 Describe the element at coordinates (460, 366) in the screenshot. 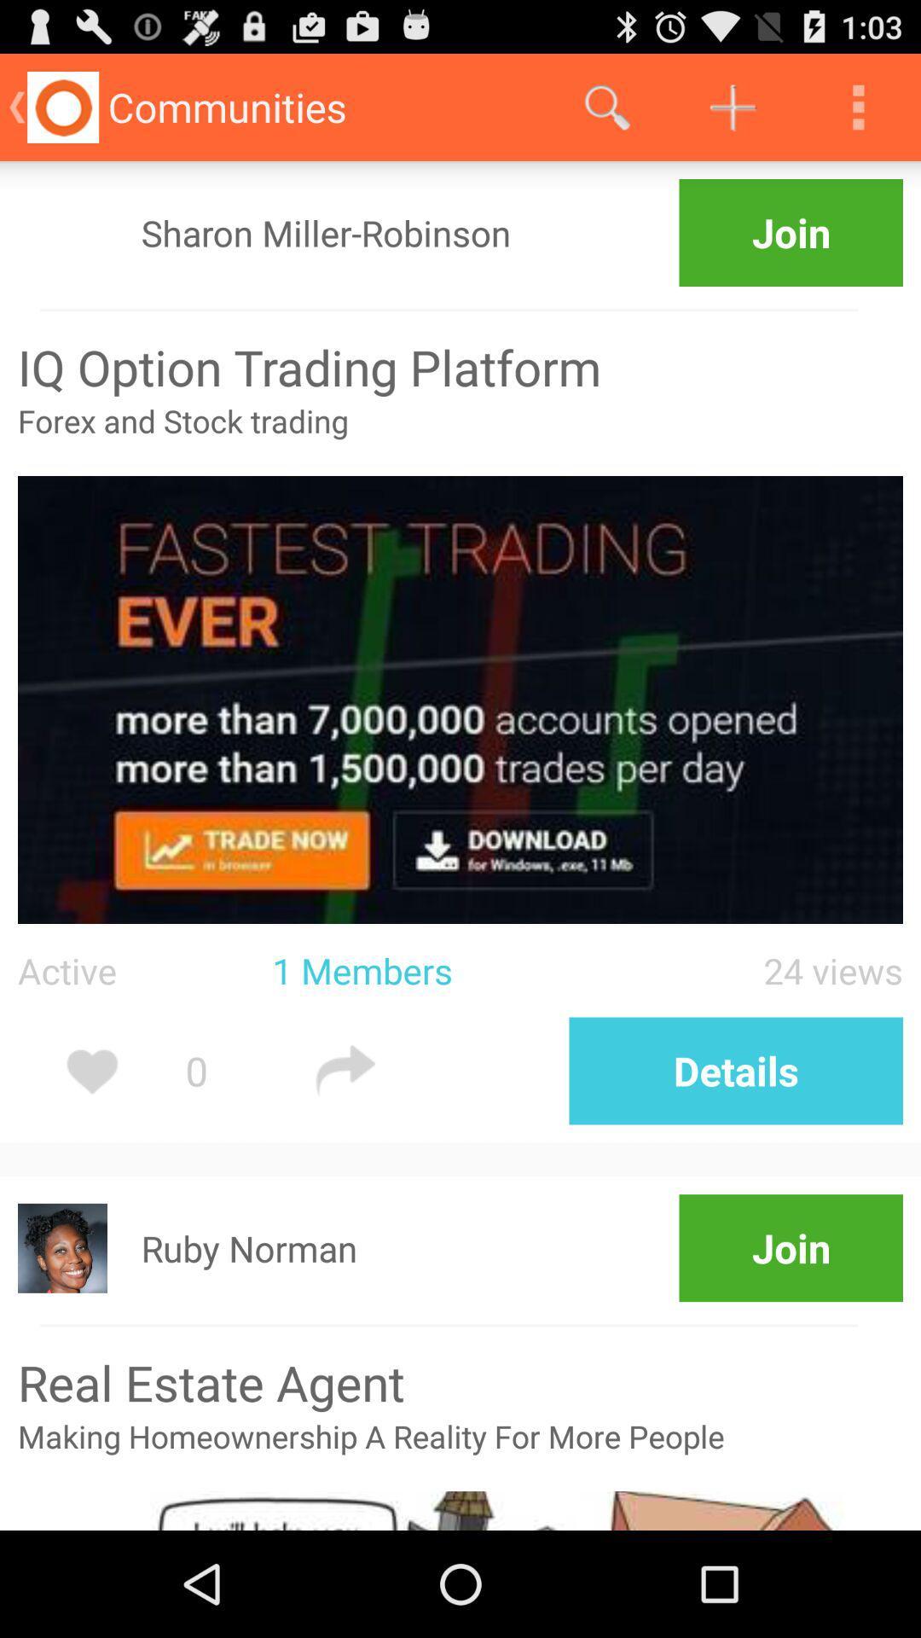

I see `the iq option trading app` at that location.